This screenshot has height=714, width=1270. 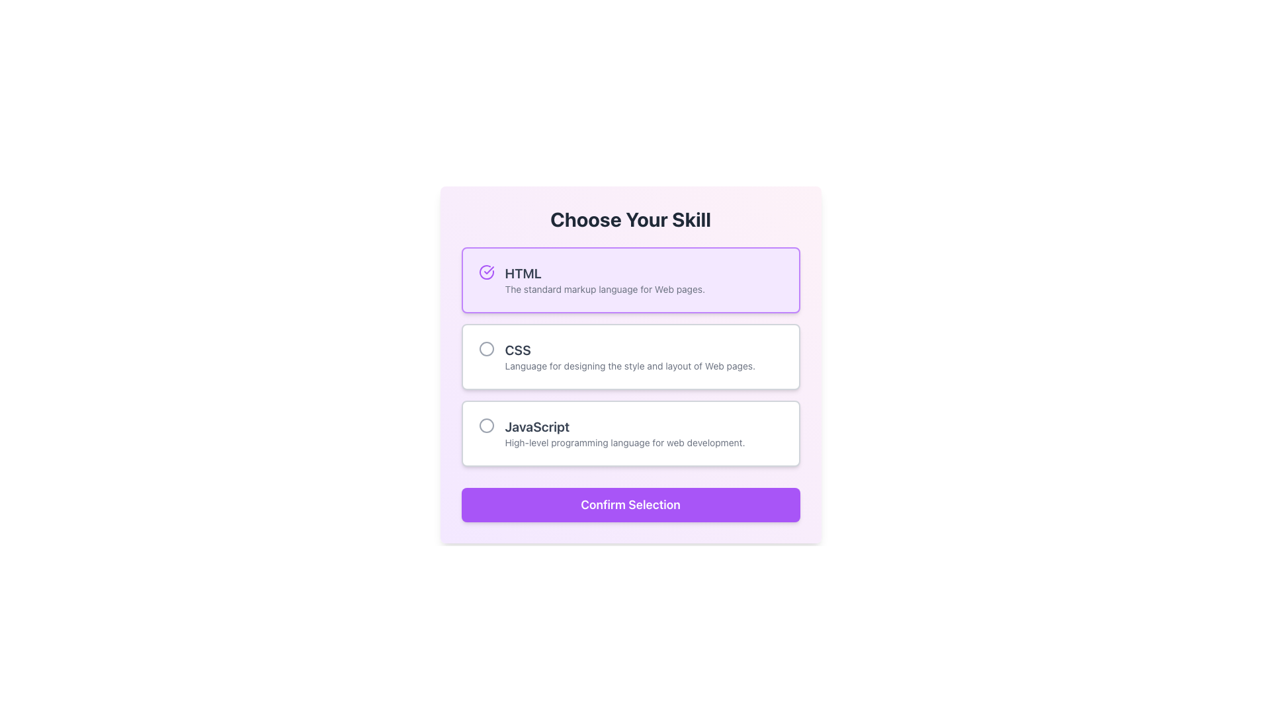 I want to click on the center of the interactive panel, so click(x=630, y=357).